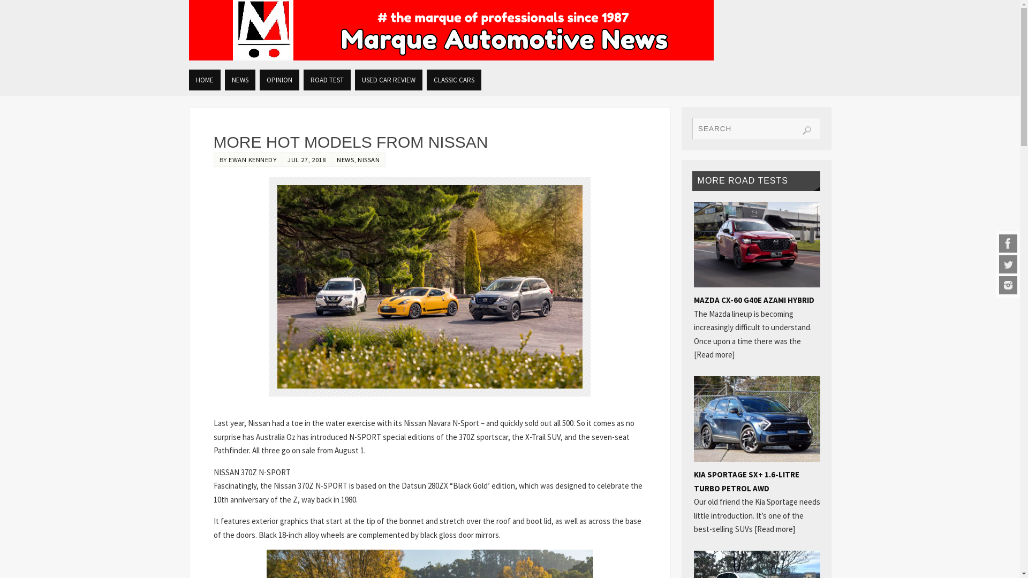  What do you see at coordinates (368, 159) in the screenshot?
I see `'NISSAN'` at bounding box center [368, 159].